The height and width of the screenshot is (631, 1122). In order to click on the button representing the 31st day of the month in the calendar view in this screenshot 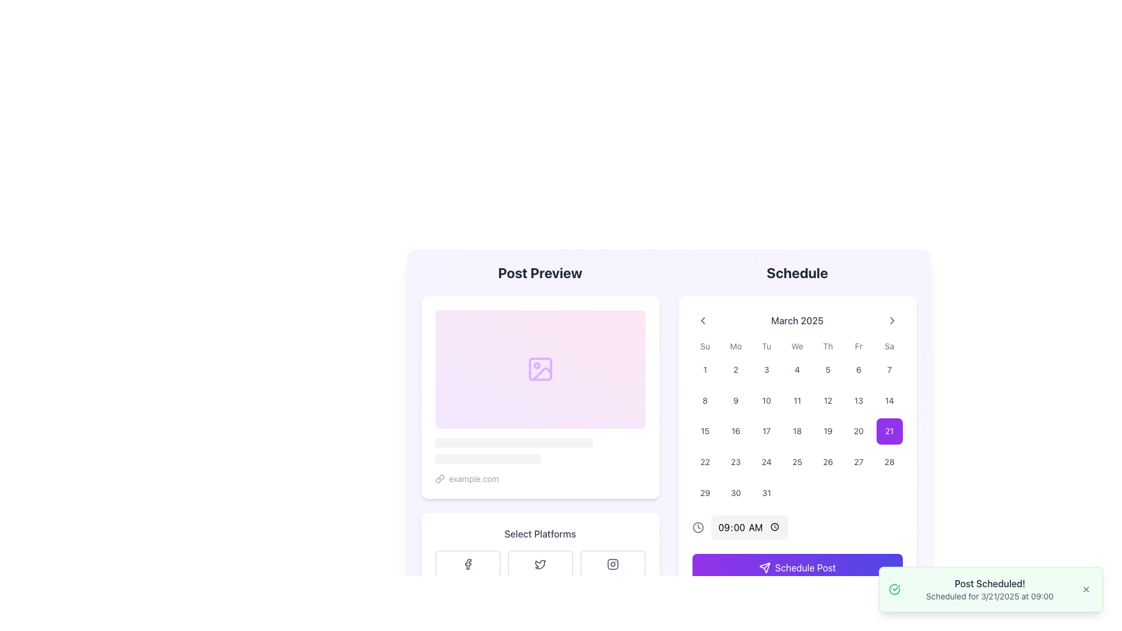, I will do `click(766, 493)`.